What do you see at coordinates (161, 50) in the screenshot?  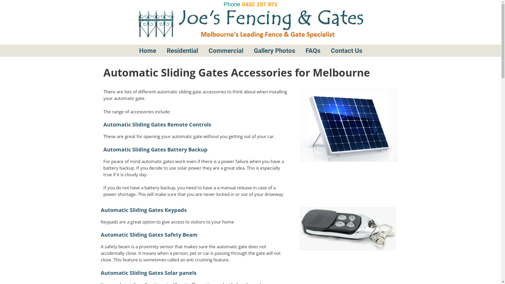 I see `'Residential'` at bounding box center [161, 50].